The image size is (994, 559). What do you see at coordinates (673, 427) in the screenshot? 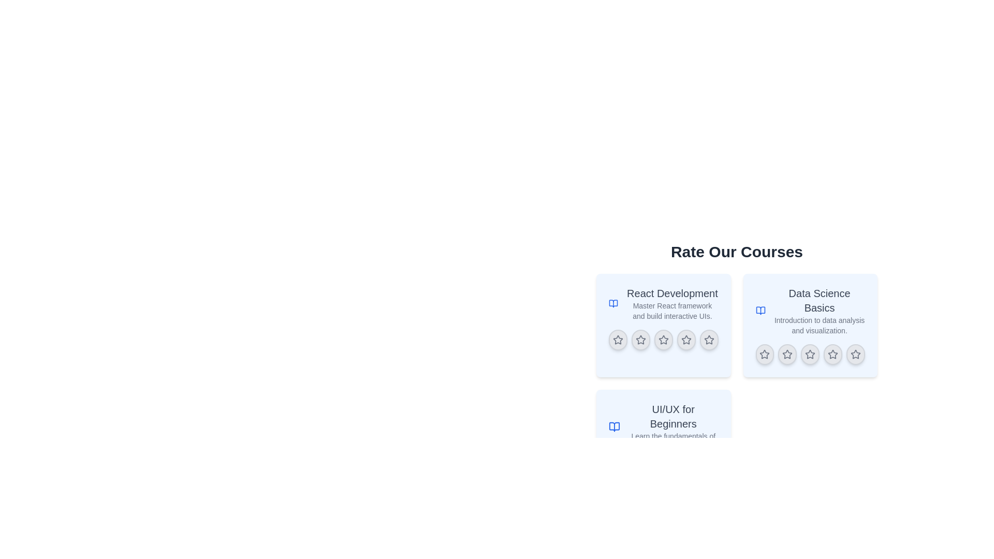
I see `the text section that presents the title and brief description of the course about UI/UX design, located in the bottom-left quadrant of the 'Rate Our Courses' section, specifically the third item in the vertical list` at bounding box center [673, 427].